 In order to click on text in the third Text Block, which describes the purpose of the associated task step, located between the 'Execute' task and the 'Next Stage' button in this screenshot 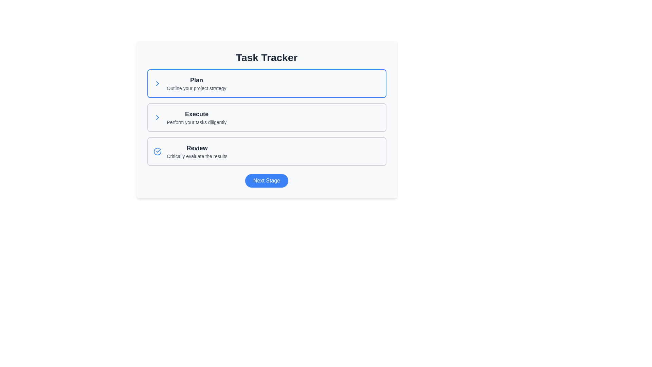, I will do `click(197, 151)`.